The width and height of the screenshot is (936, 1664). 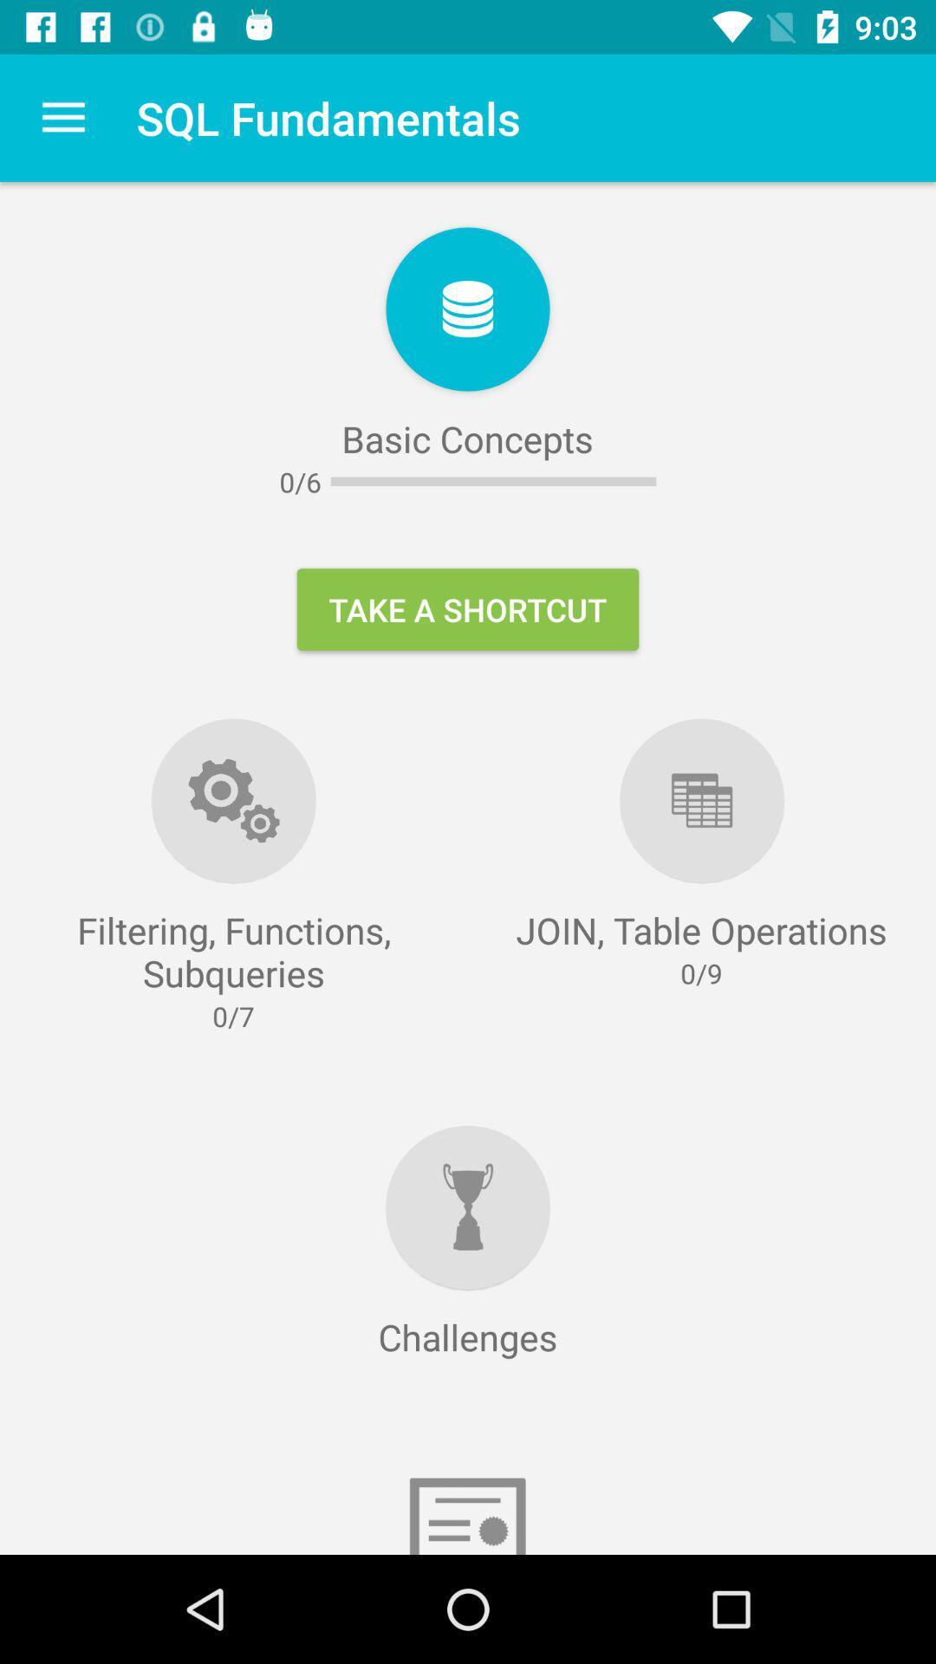 I want to click on the icon below 0/6, so click(x=468, y=609).